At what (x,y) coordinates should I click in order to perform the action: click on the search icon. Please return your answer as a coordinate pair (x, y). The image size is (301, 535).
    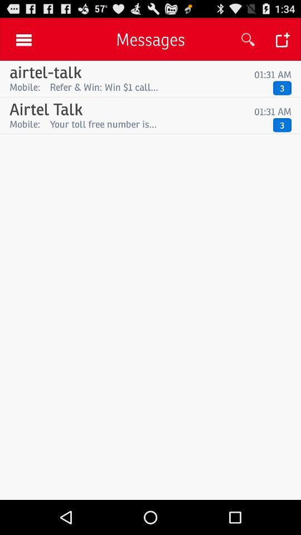
    Looking at the image, I should click on (248, 42).